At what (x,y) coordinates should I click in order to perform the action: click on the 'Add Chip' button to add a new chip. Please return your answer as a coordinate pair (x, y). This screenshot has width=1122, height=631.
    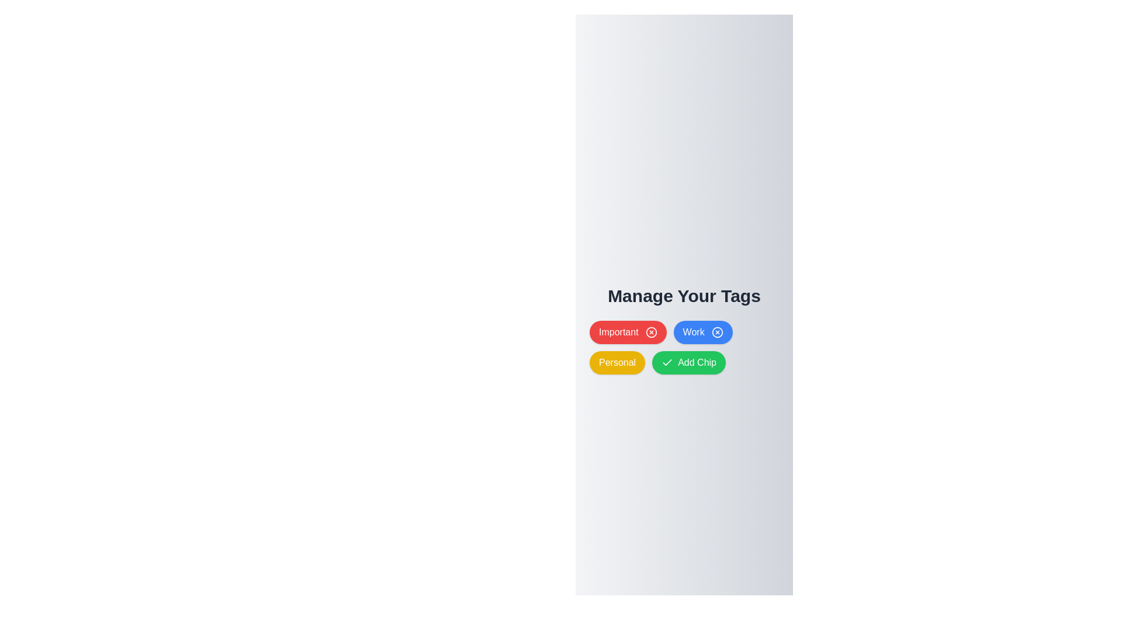
    Looking at the image, I should click on (689, 362).